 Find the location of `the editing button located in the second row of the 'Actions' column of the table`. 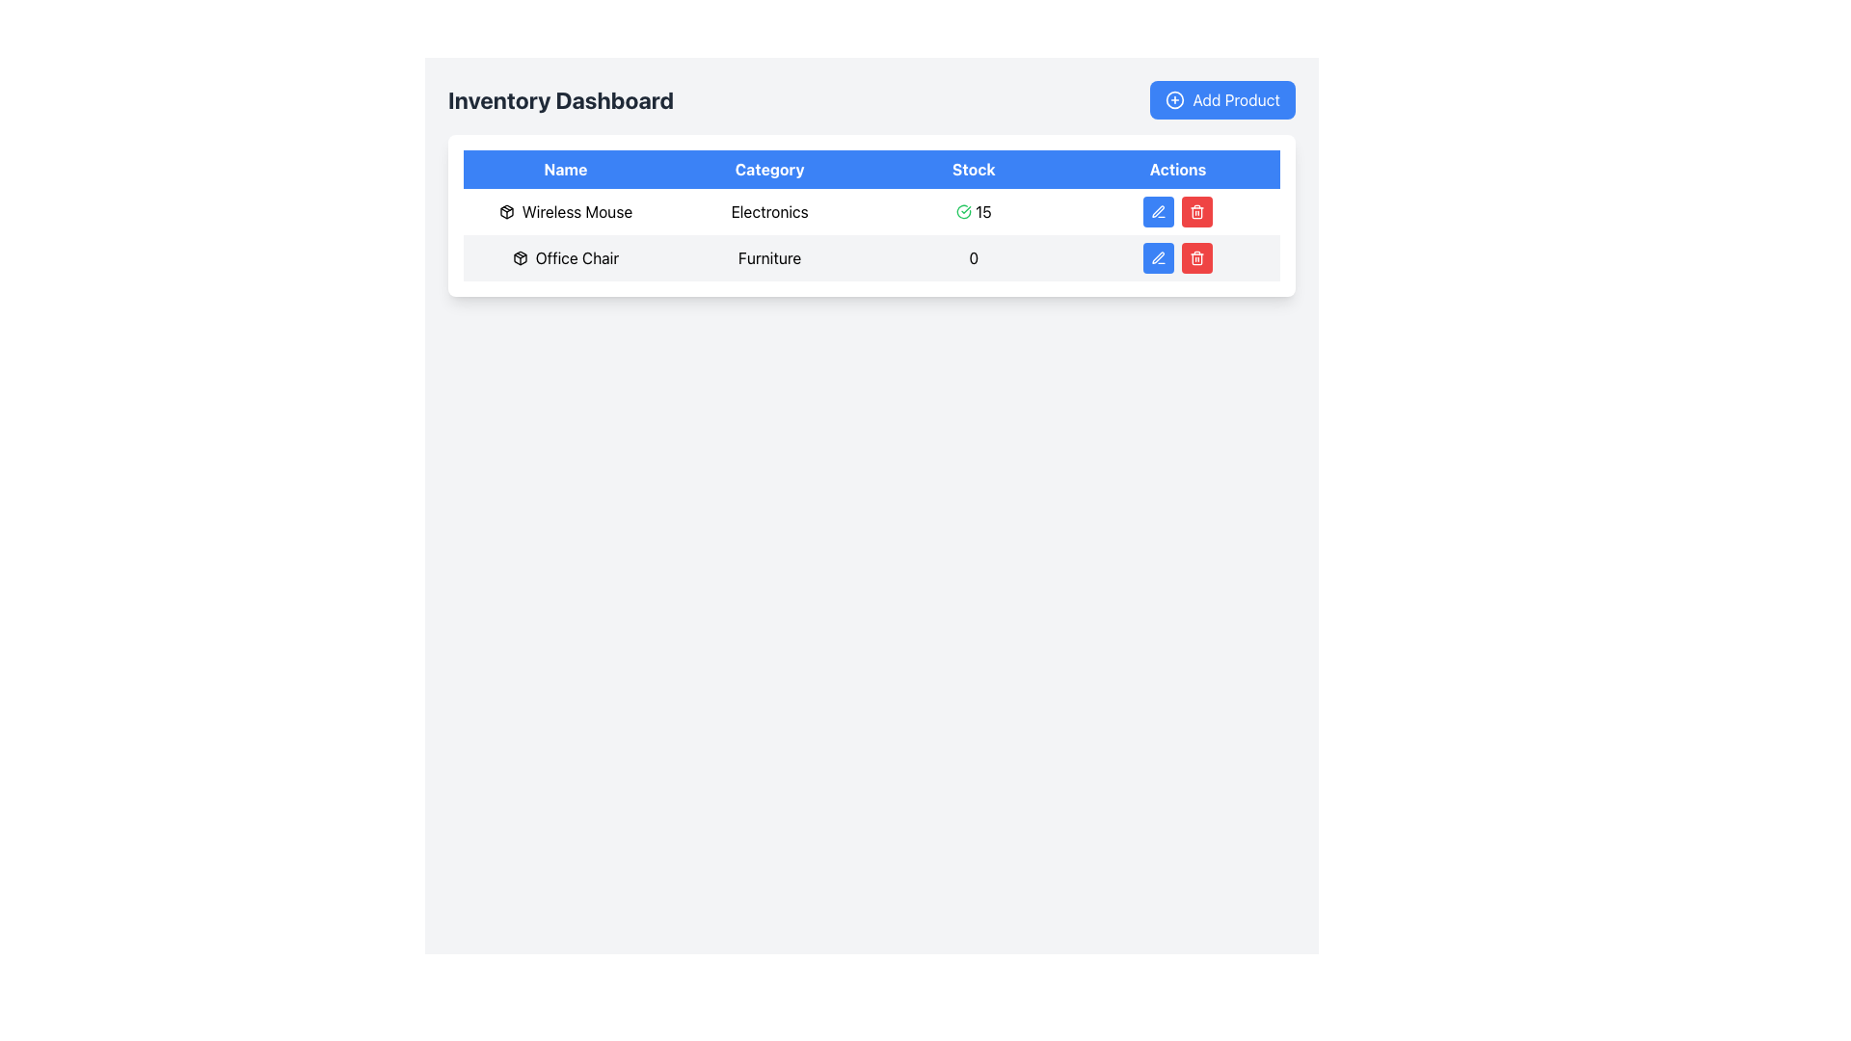

the editing button located in the second row of the 'Actions' column of the table is located at coordinates (1158, 256).